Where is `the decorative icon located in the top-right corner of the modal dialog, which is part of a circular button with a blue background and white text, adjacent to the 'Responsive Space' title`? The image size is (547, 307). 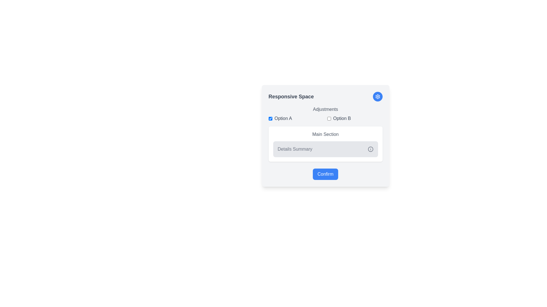
the decorative icon located in the top-right corner of the modal dialog, which is part of a circular button with a blue background and white text, adjacent to the 'Responsive Space' title is located at coordinates (377, 96).